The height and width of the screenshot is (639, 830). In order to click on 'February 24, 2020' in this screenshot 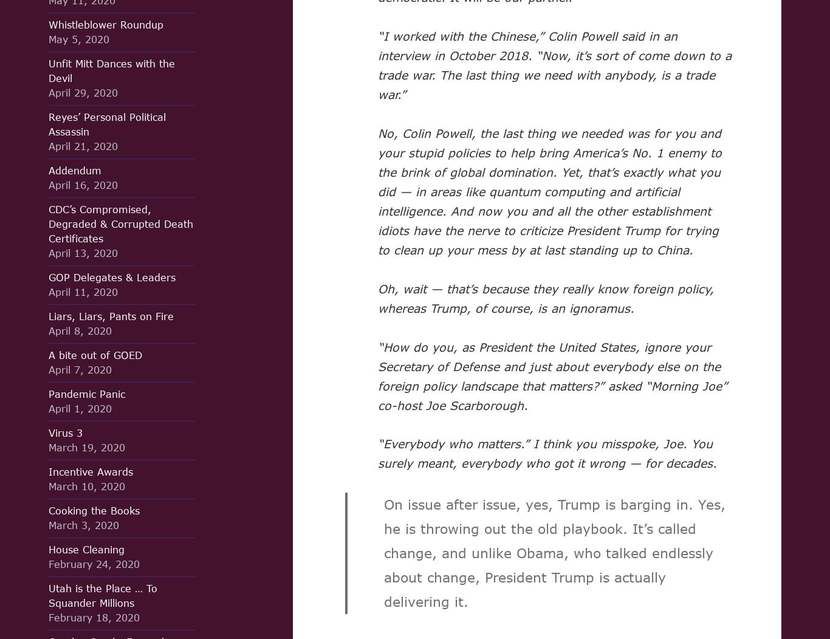, I will do `click(49, 563)`.